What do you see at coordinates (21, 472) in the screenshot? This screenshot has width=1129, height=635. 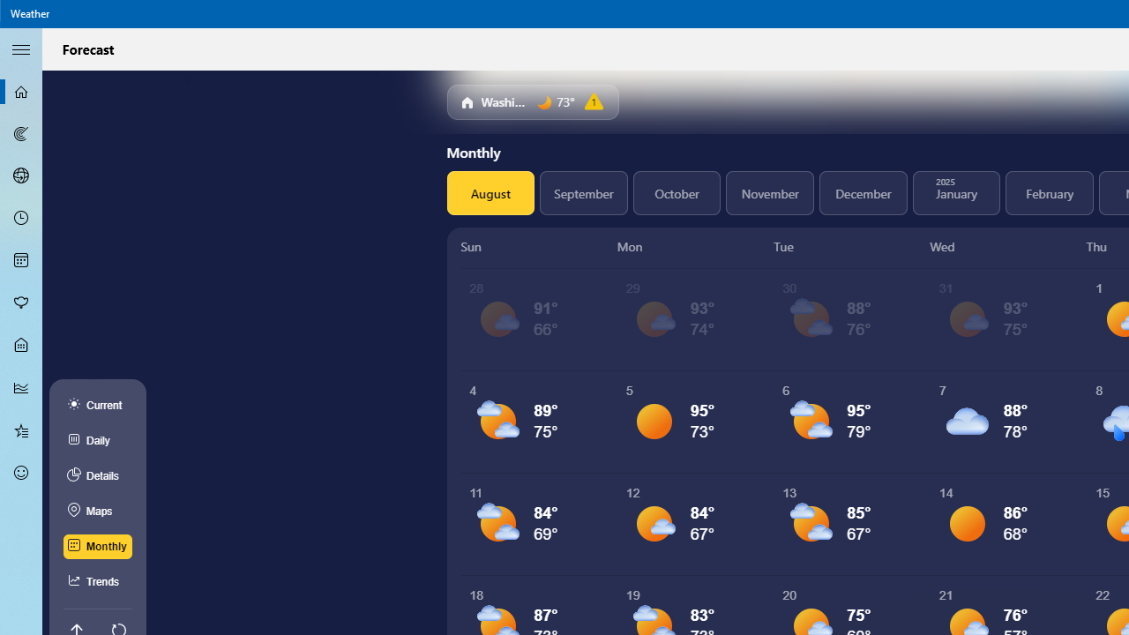 I see `'Send Feedback - Not Selected'` at bounding box center [21, 472].